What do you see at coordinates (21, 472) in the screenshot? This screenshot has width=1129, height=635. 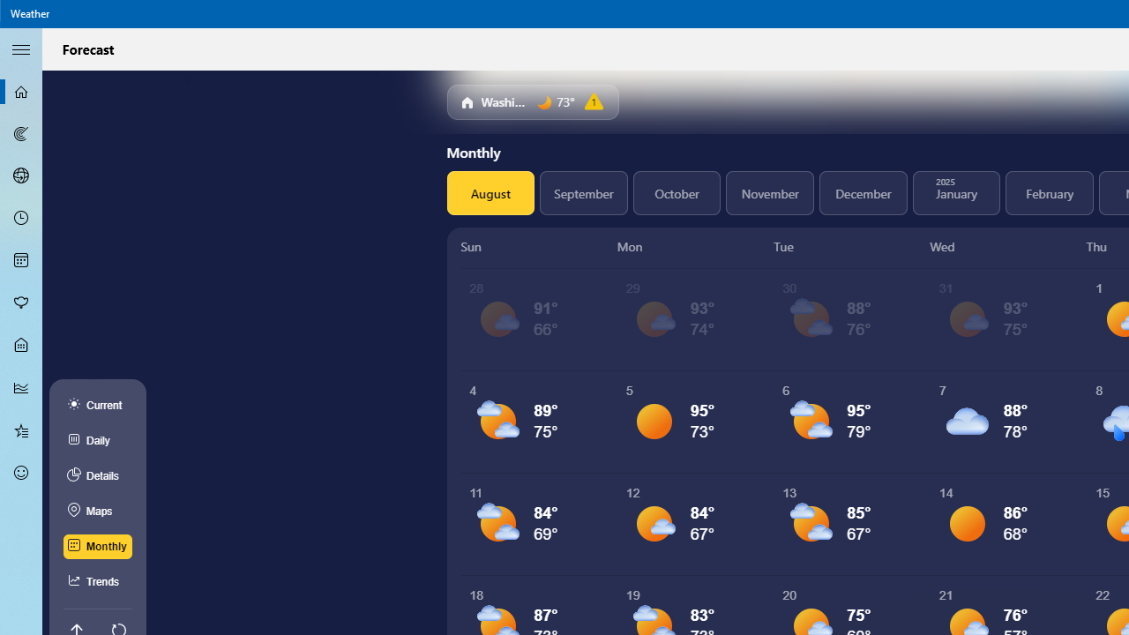 I see `'Send Feedback - Not Selected'` at bounding box center [21, 472].